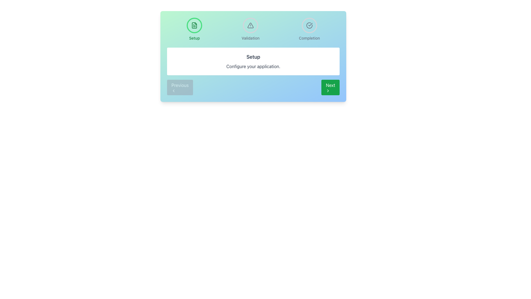 This screenshot has height=299, width=531. I want to click on the triangular warning icon labeled 'Validation' in the second step of the horizontal stepper interface, so click(250, 25).